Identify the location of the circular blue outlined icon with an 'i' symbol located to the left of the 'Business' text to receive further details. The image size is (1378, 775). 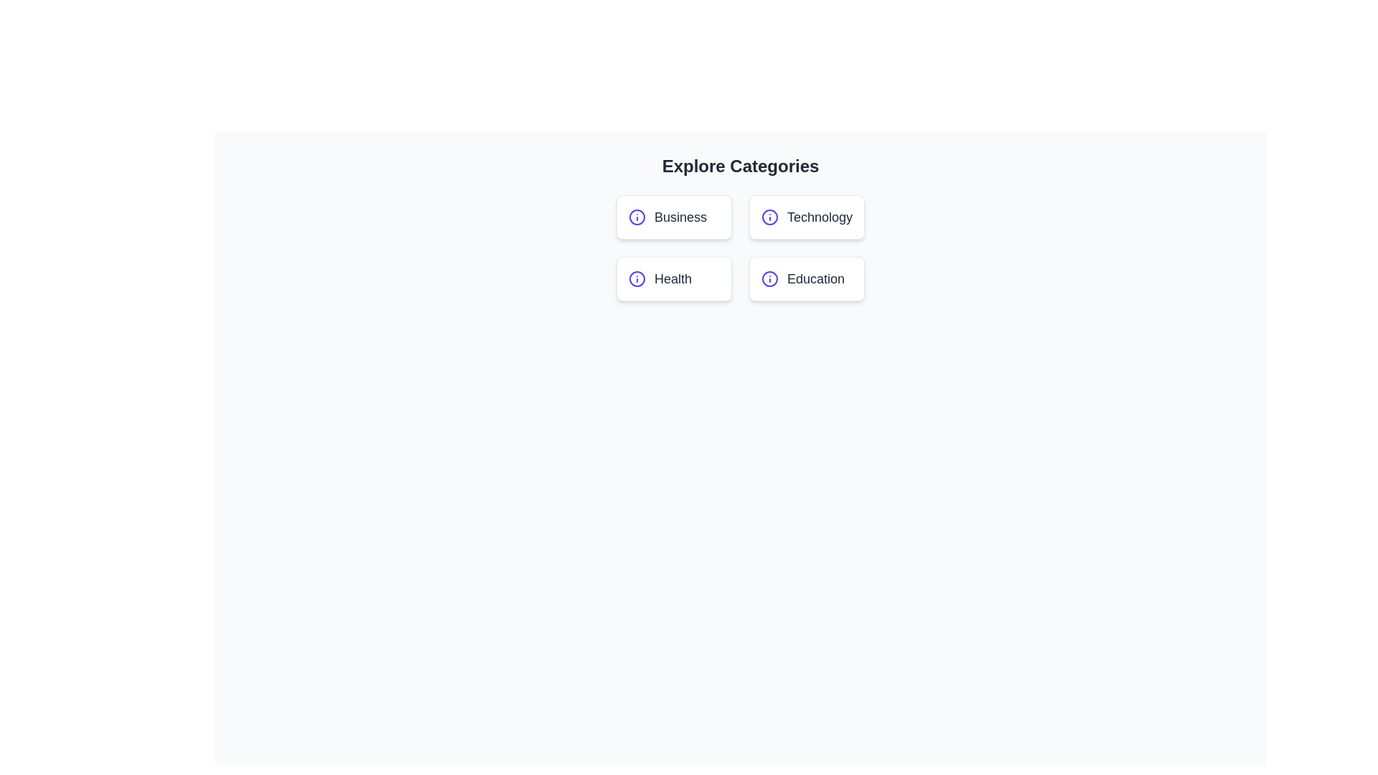
(637, 217).